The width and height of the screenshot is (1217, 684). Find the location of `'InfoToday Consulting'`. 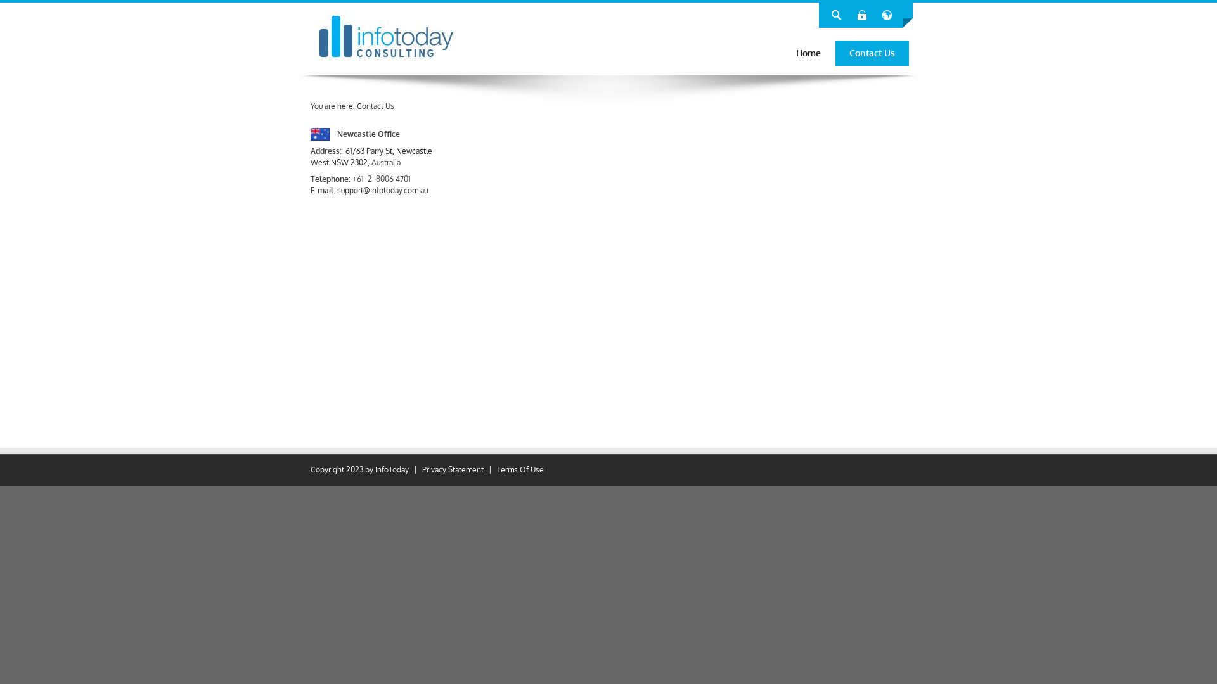

'InfoToday Consulting' is located at coordinates (385, 35).